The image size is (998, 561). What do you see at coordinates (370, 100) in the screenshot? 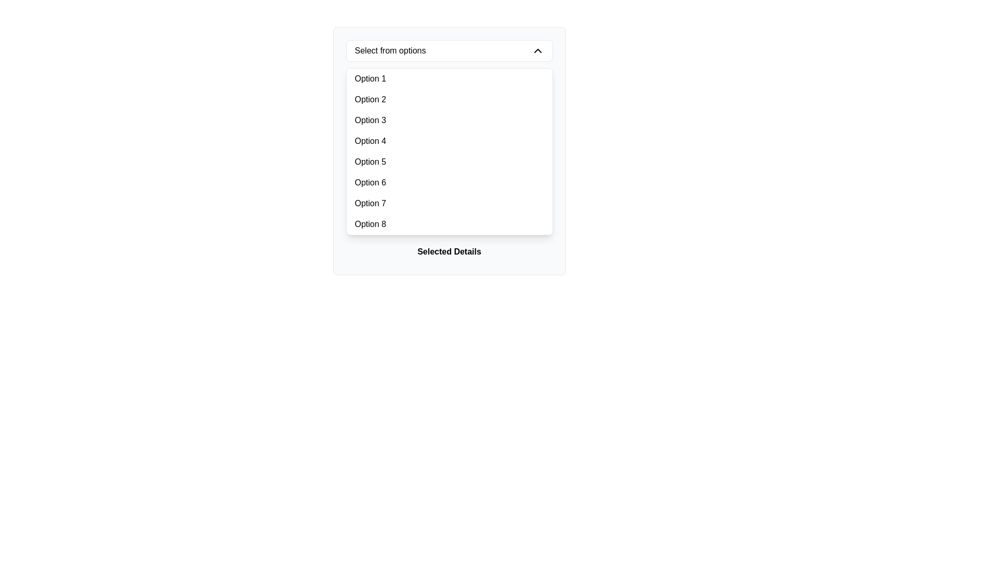
I see `the 'Option 2' text label within the dropdown menu` at bounding box center [370, 100].